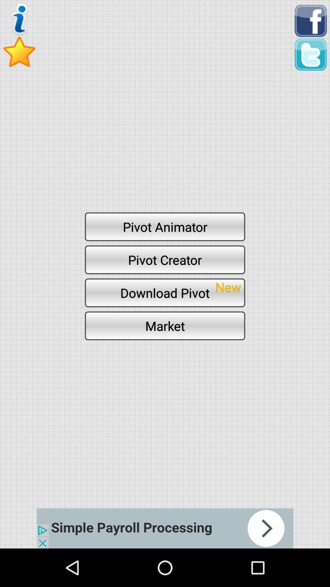 Image resolution: width=330 pixels, height=587 pixels. Describe the element at coordinates (165, 292) in the screenshot. I see `download pivot` at that location.